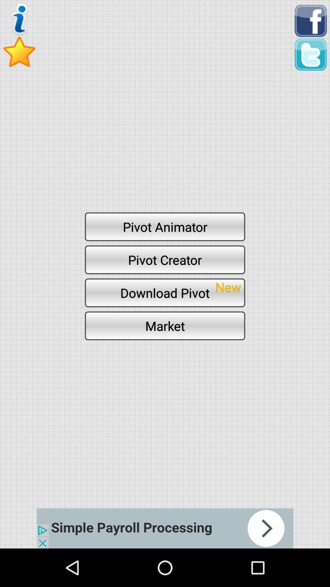 Image resolution: width=330 pixels, height=587 pixels. Describe the element at coordinates (165, 292) in the screenshot. I see `download pivot` at that location.